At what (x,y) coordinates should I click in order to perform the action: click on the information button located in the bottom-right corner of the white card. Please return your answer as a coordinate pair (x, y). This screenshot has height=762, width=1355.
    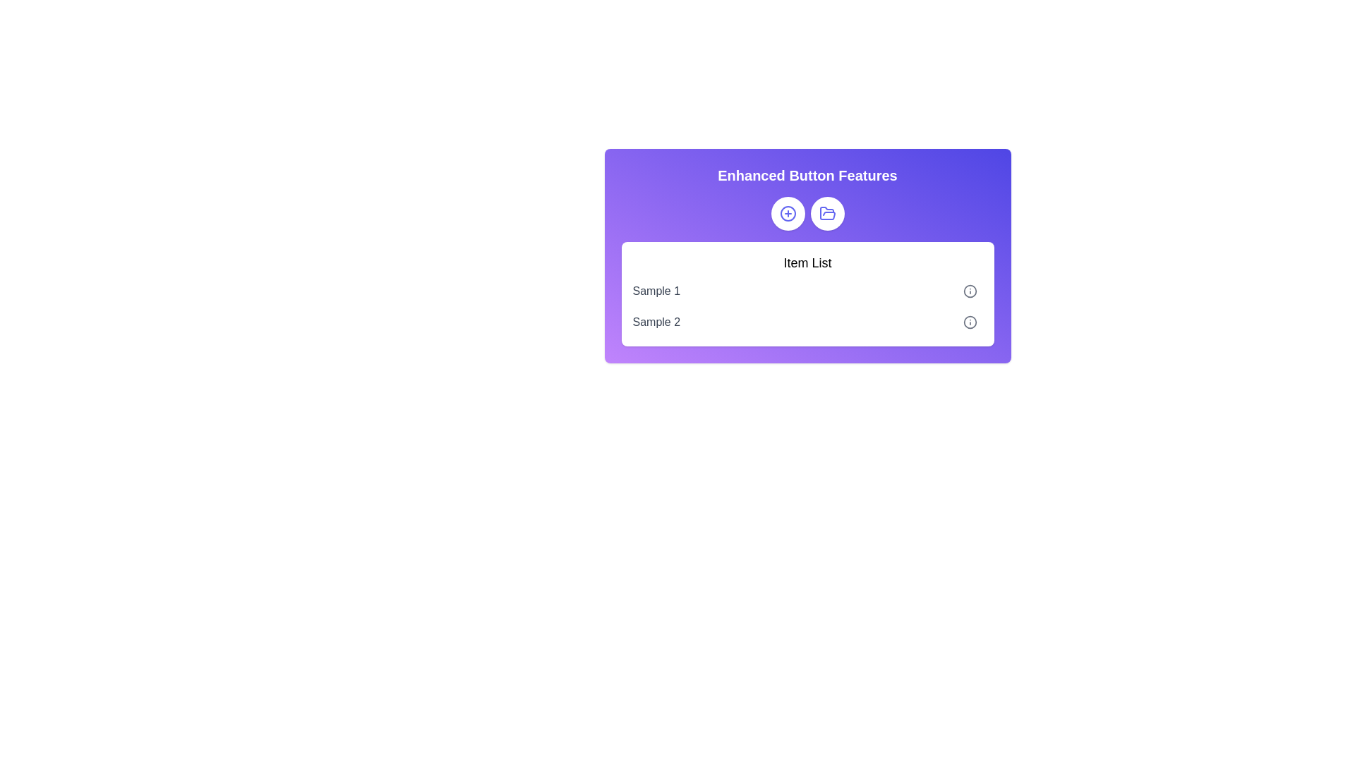
    Looking at the image, I should click on (969, 322).